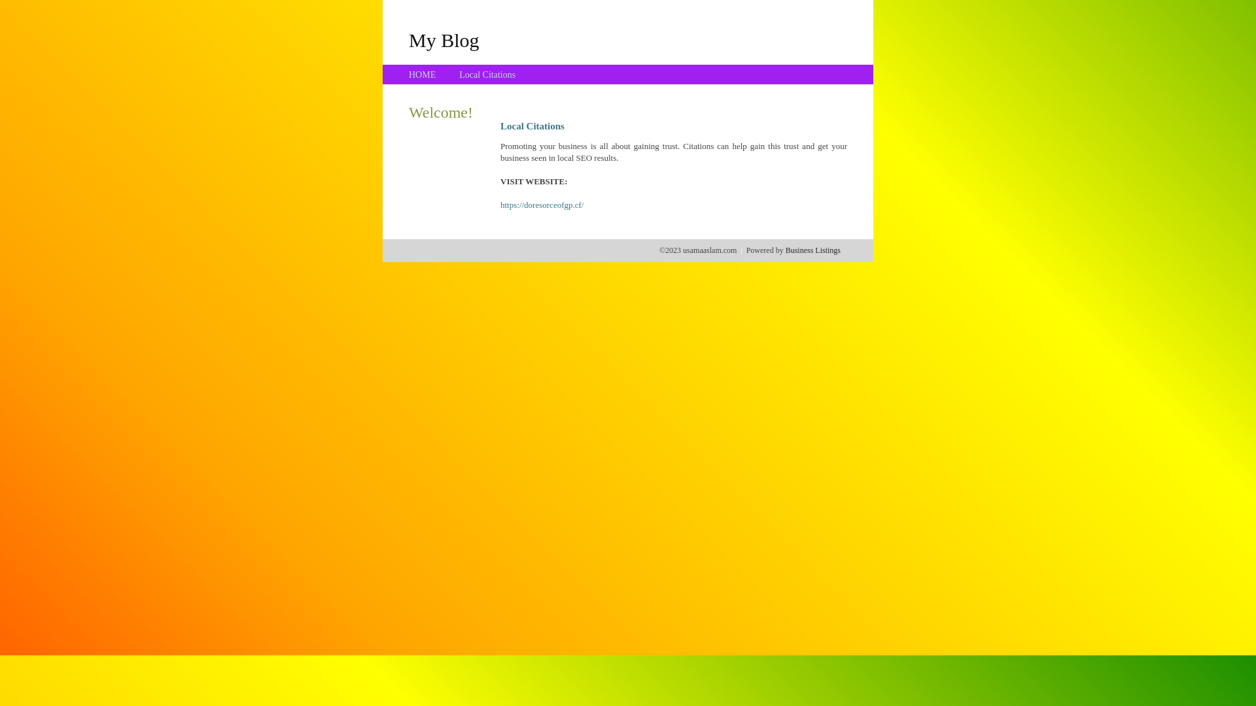 Image resolution: width=1256 pixels, height=706 pixels. What do you see at coordinates (422, 75) in the screenshot?
I see `'HOME'` at bounding box center [422, 75].